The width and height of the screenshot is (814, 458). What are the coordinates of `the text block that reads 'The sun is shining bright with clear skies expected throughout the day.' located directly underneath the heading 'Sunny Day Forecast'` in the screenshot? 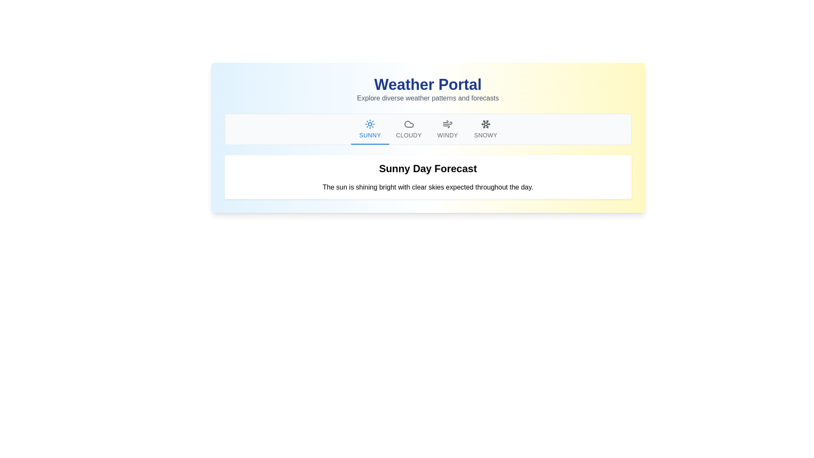 It's located at (428, 187).